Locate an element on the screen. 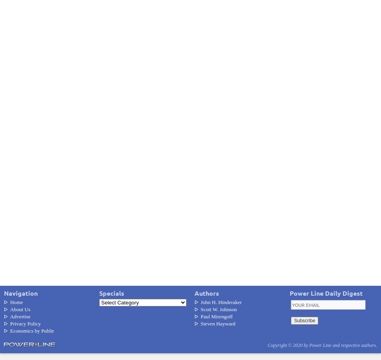 This screenshot has height=360, width=381. 'Copyright © 2020 by Power Line and respective authors.' is located at coordinates (322, 345).